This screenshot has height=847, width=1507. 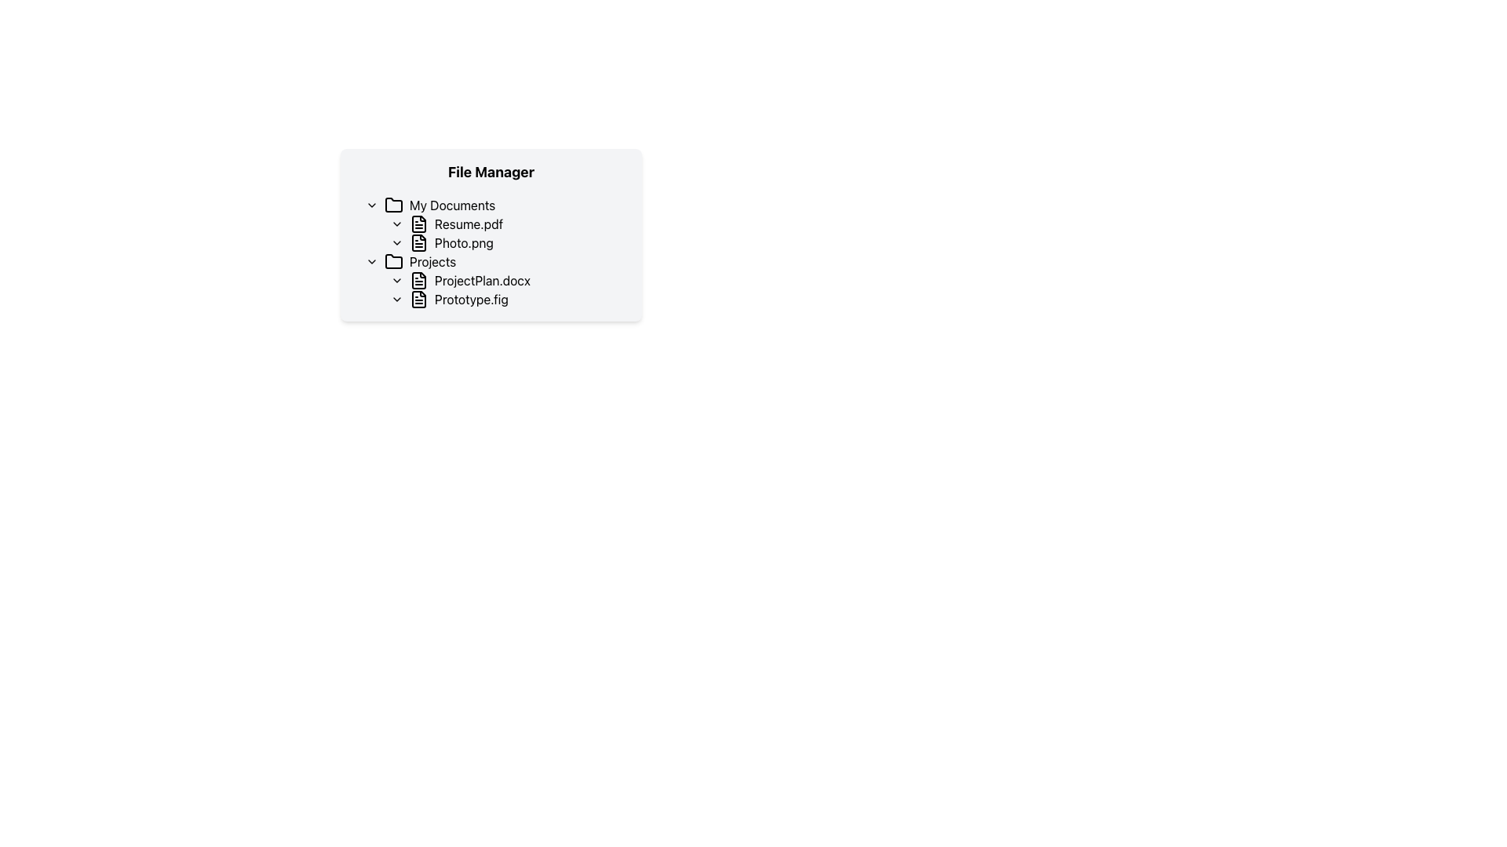 What do you see at coordinates (418, 242) in the screenshot?
I see `the 'Photo.png' icon located next` at bounding box center [418, 242].